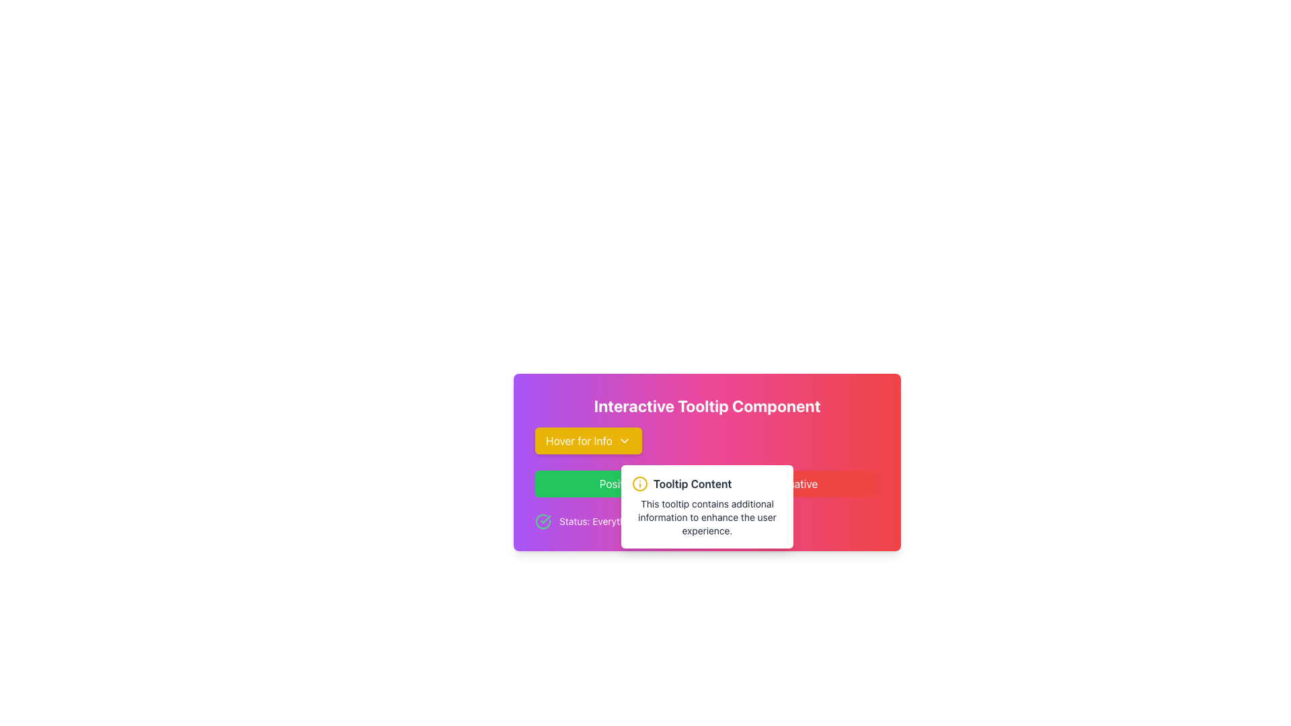 The height and width of the screenshot is (726, 1291). I want to click on the label with an icon in the tooltip, so click(706, 484).